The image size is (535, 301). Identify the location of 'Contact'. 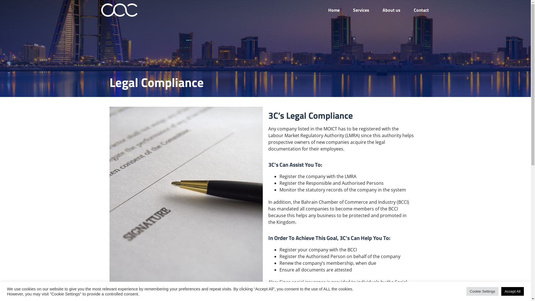
(412, 10).